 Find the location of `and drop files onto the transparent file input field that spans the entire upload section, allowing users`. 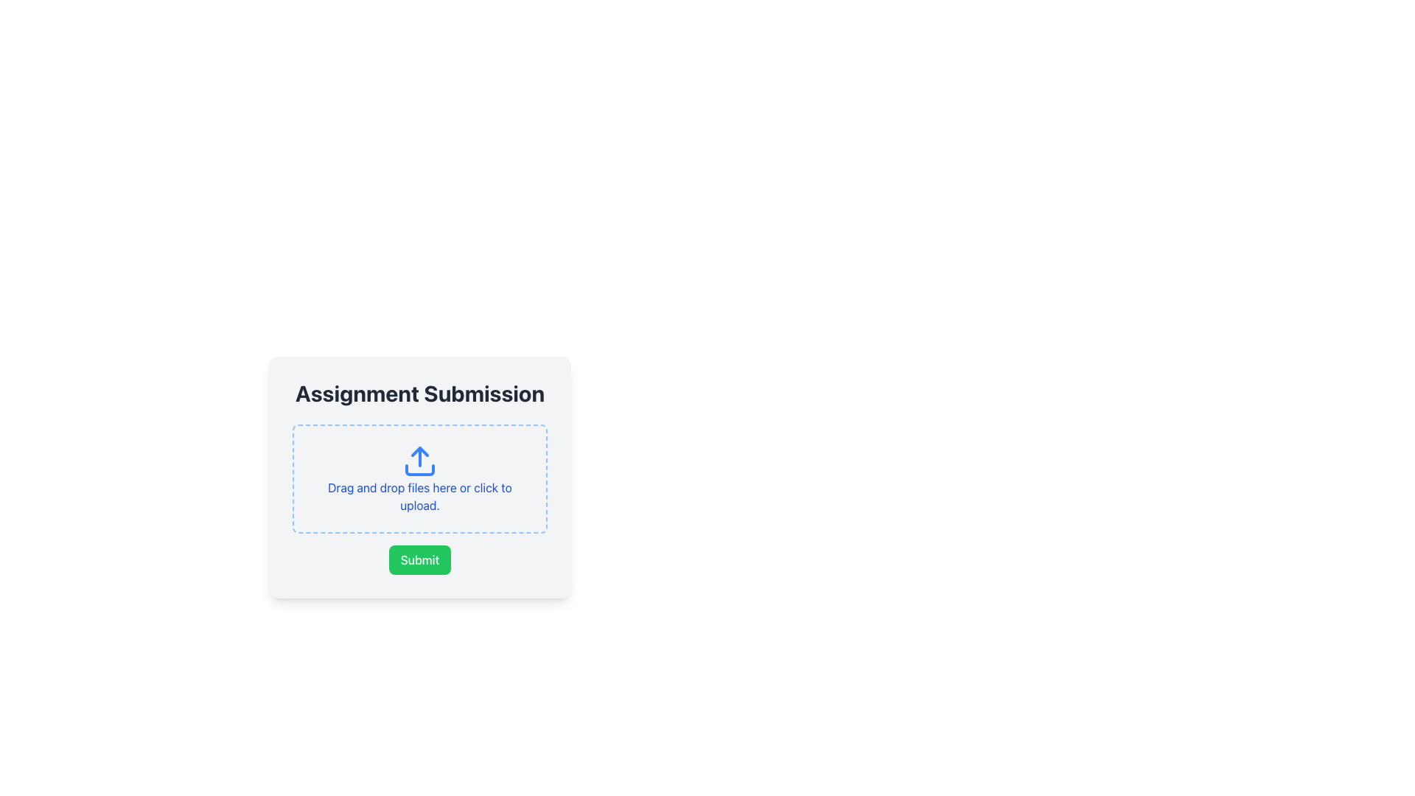

and drop files onto the transparent file input field that spans the entire upload section, allowing users is located at coordinates (419, 479).